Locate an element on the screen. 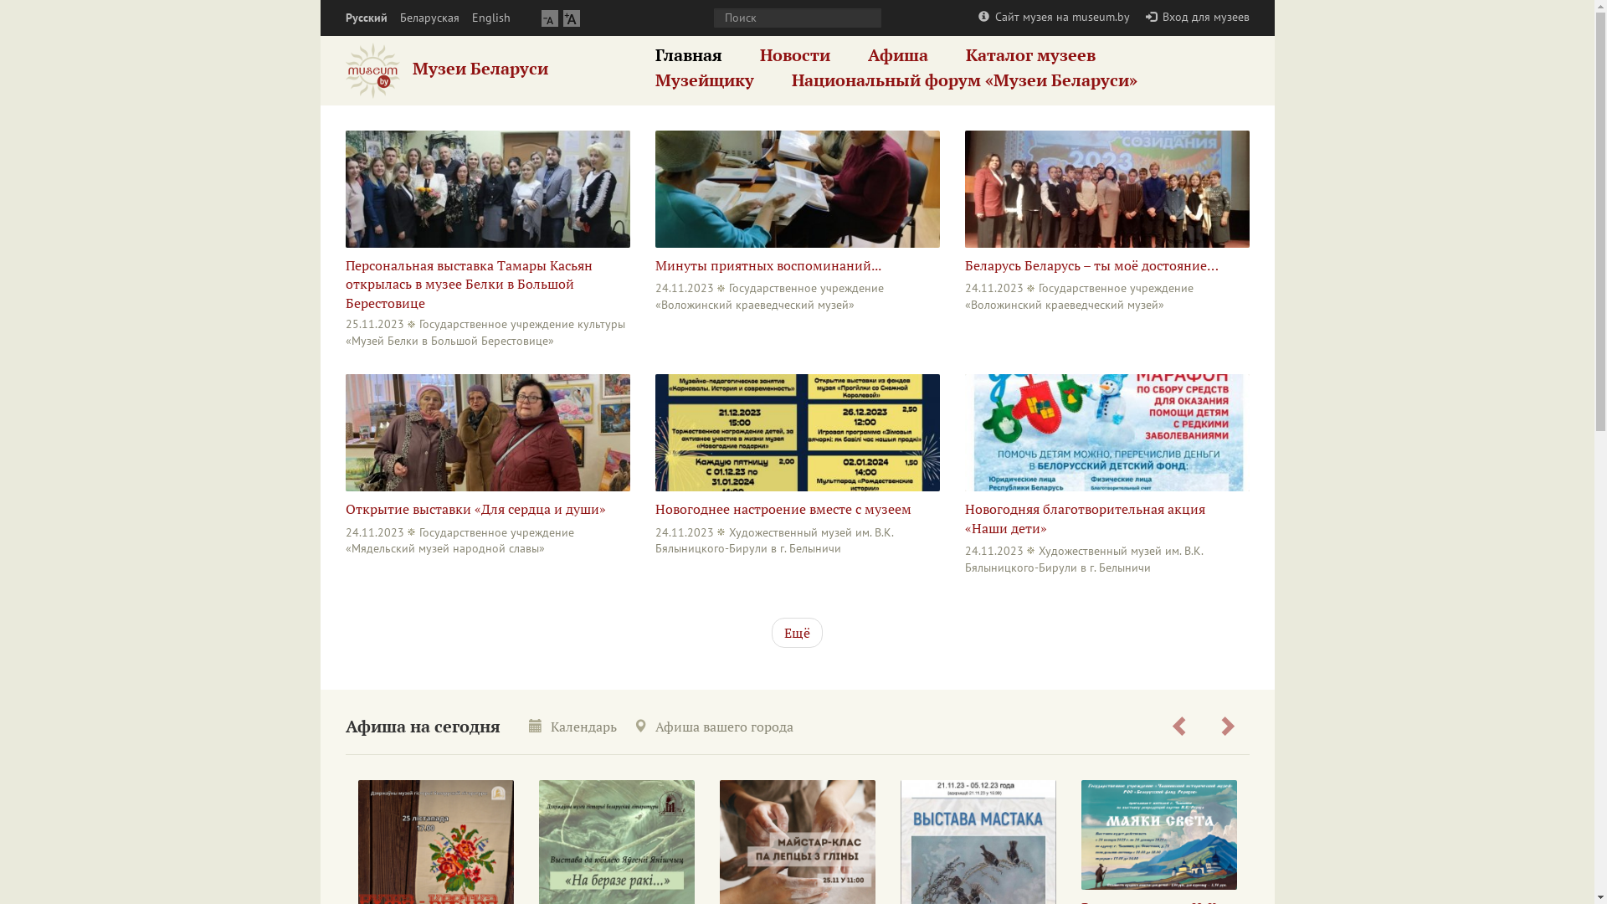  'English' is located at coordinates (490, 18).